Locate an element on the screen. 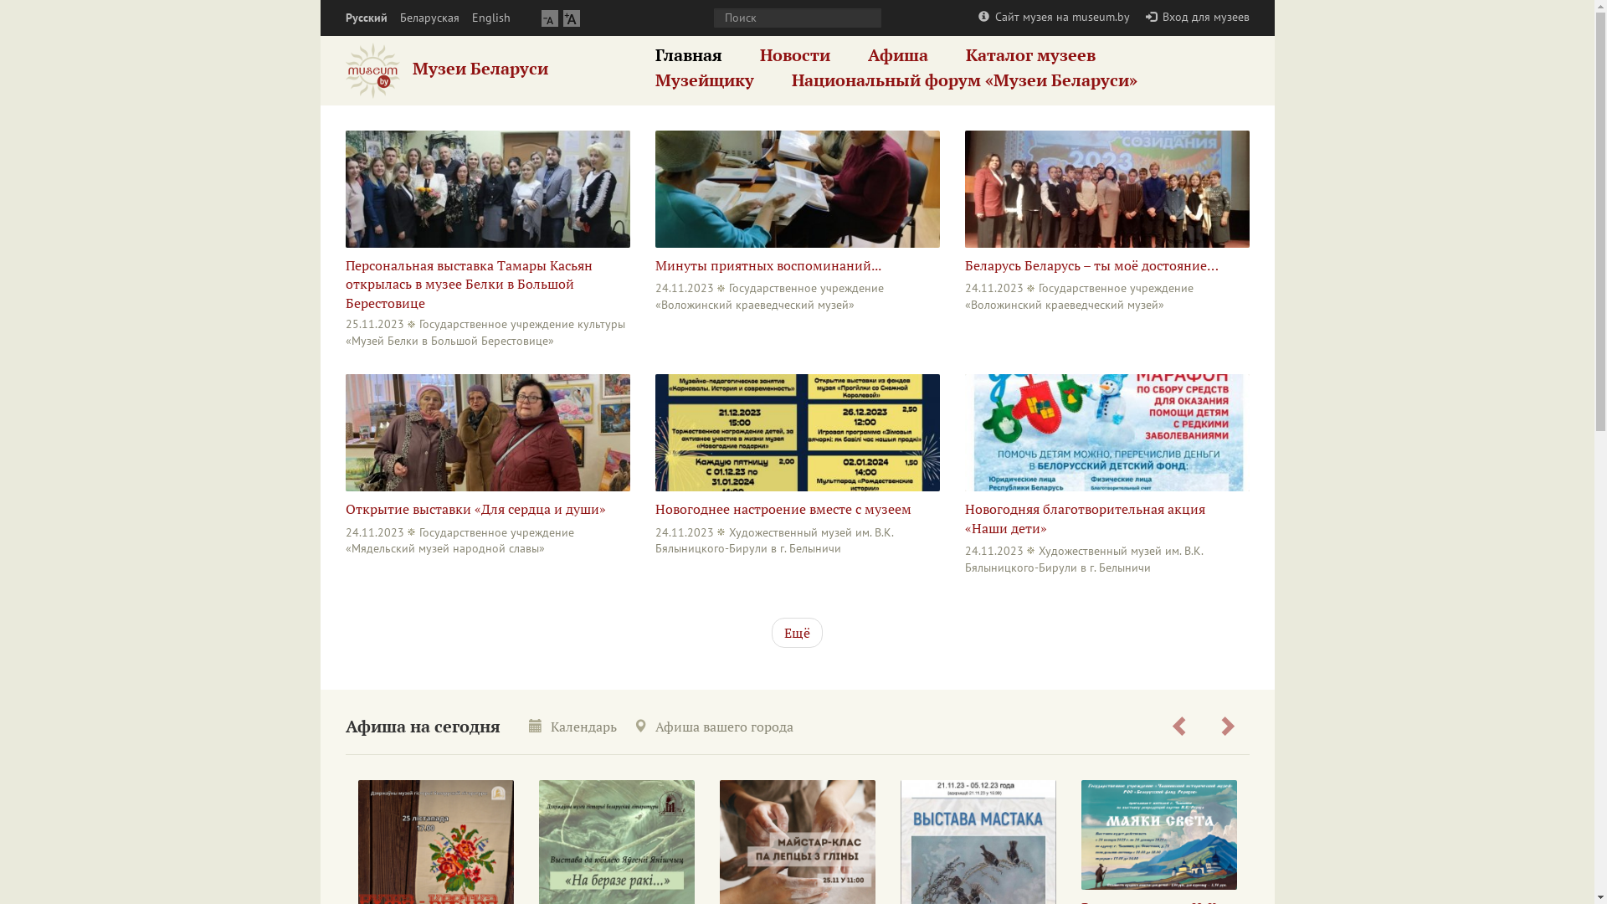  'English' is located at coordinates (490, 18).